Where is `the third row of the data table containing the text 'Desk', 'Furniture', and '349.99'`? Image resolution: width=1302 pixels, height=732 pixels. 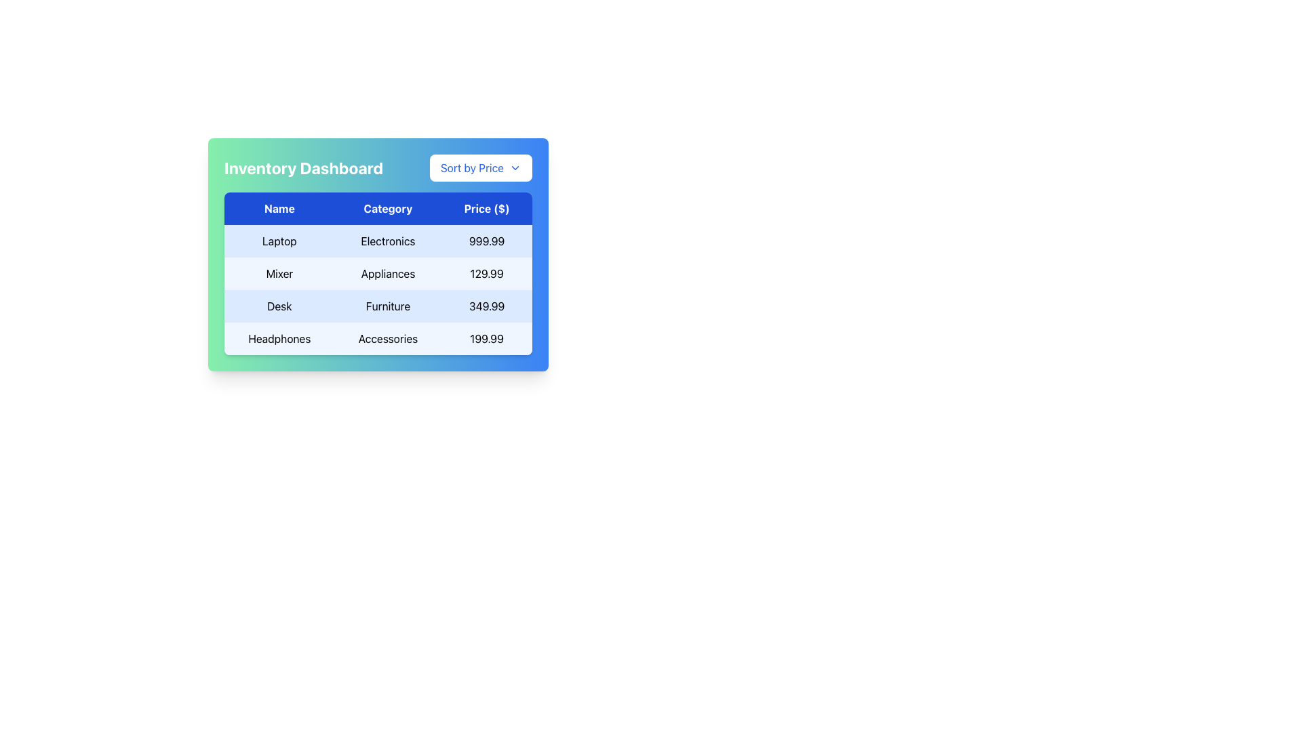 the third row of the data table containing the text 'Desk', 'Furniture', and '349.99' is located at coordinates (378, 306).